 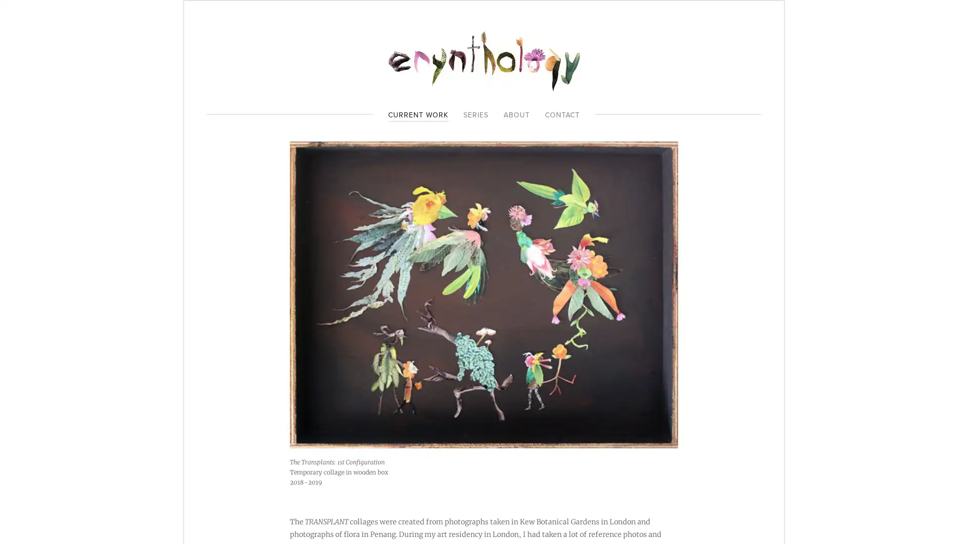 What do you see at coordinates (484, 295) in the screenshot?
I see `View fullsize The Transplants: 1st Configuration Temporary collage in wooden box 2018-2019` at bounding box center [484, 295].